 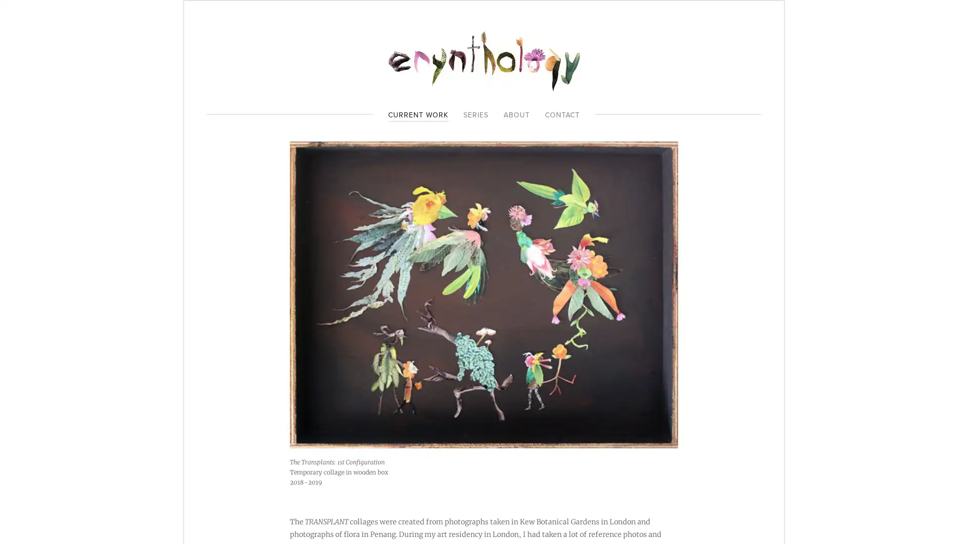 What do you see at coordinates (484, 295) in the screenshot?
I see `View fullsize The Transplants: 1st Configuration Temporary collage in wooden box 2018-2019` at bounding box center [484, 295].